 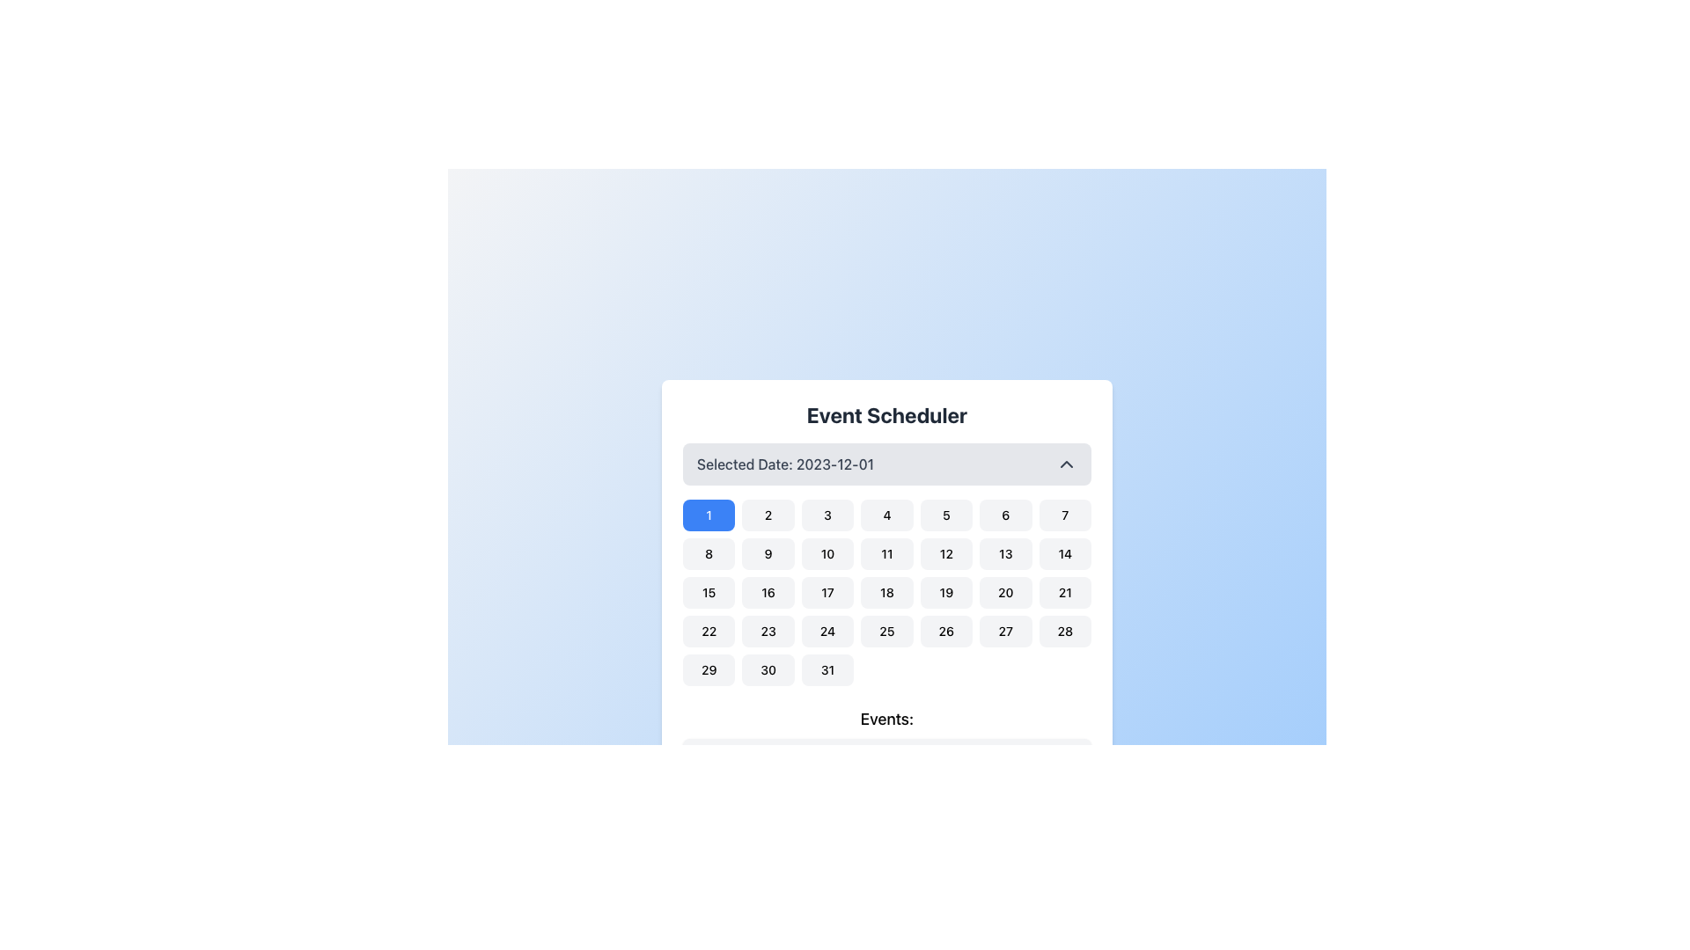 I want to click on the collapsible toggle icon located at the right end of the 'Selected Date: 2023-12-01' bar, so click(x=1065, y=464).